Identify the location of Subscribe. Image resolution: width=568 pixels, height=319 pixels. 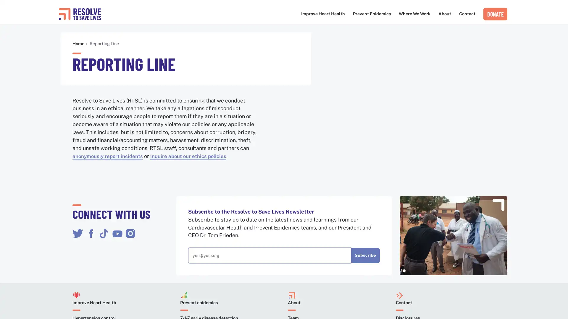
(364, 256).